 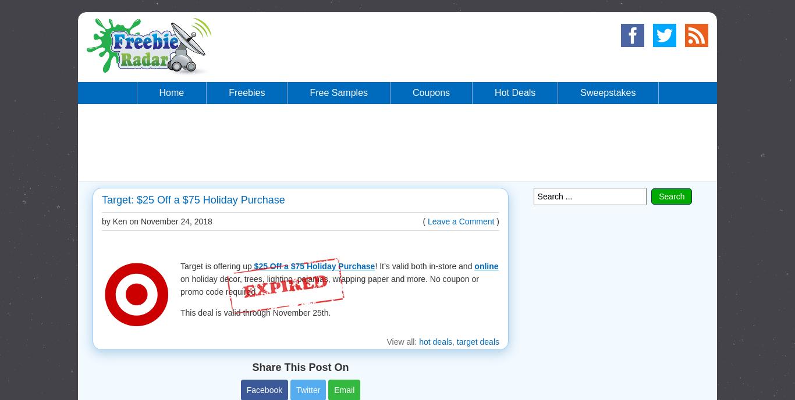 I want to click on 'Free Samples', so click(x=310, y=92).